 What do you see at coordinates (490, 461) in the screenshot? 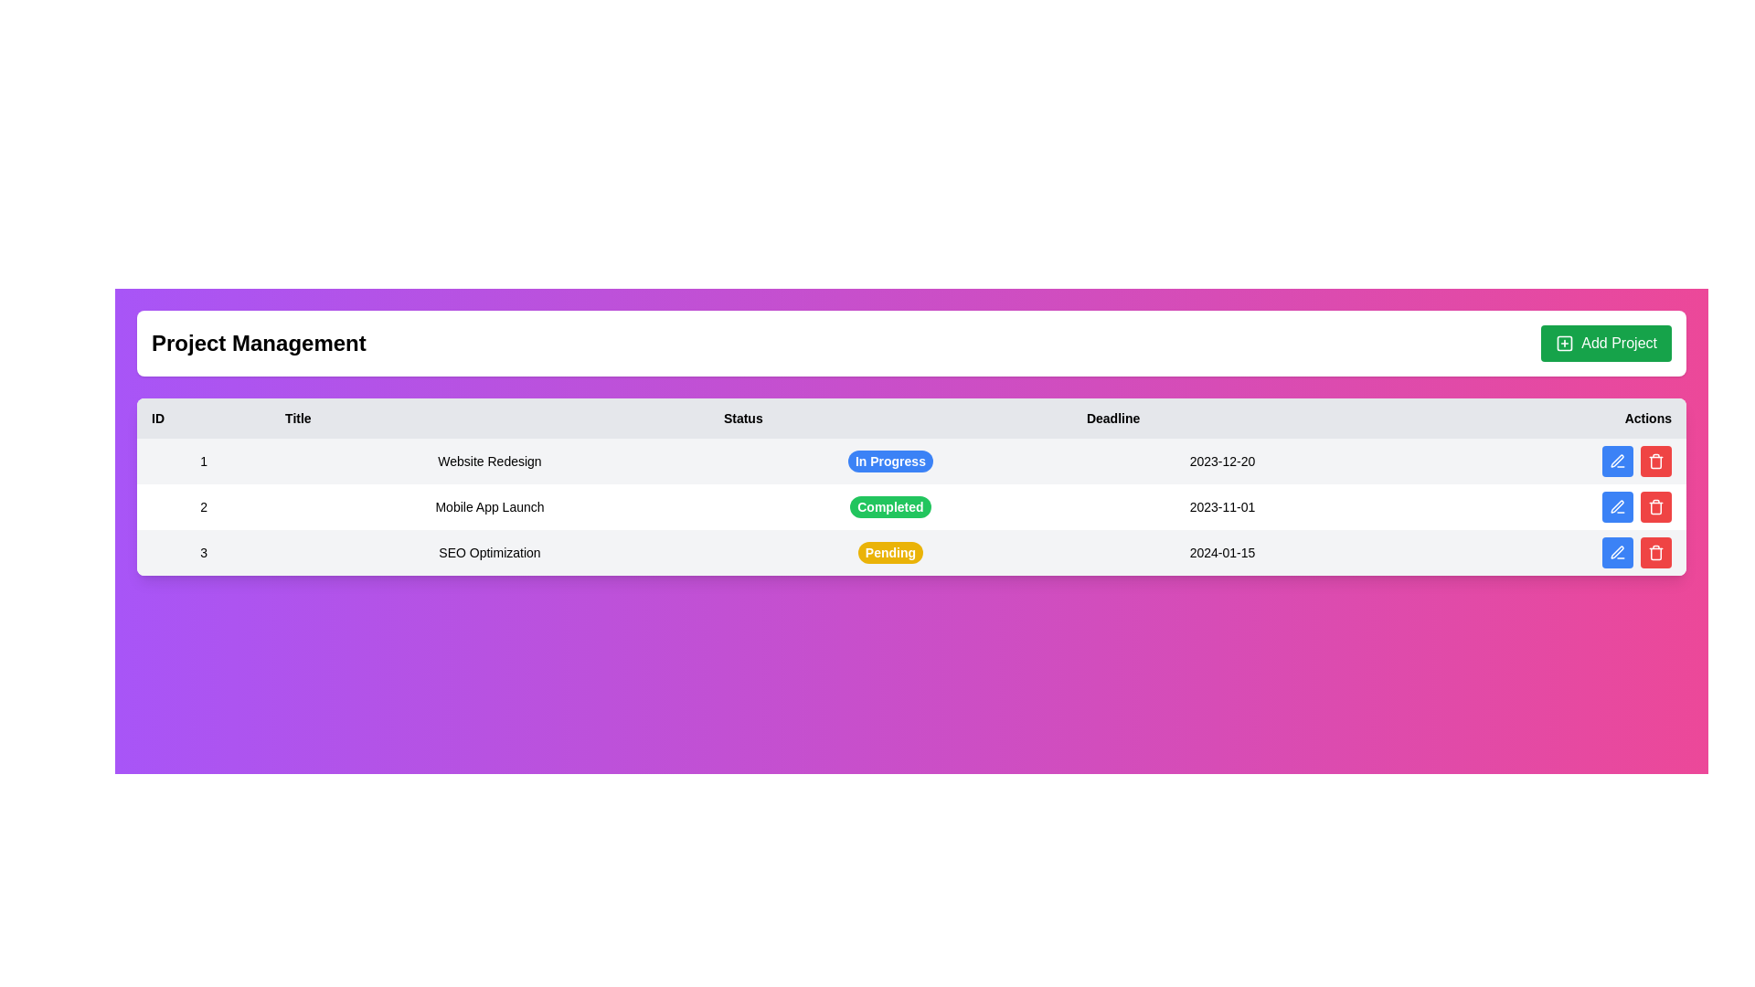
I see `the text label displaying the title in the second column of the first row of the table, located under the 'Title' header` at bounding box center [490, 461].